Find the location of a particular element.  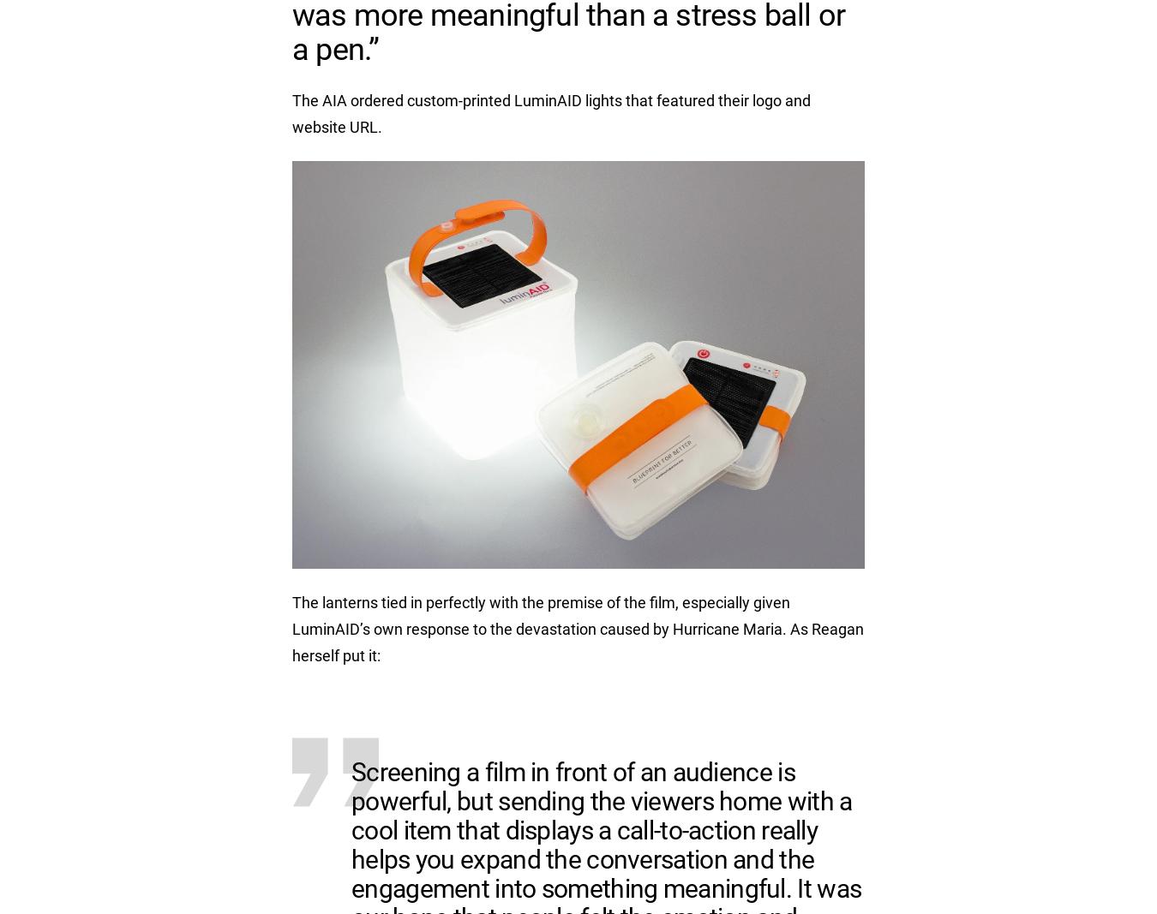

'Poland (USD $)' is located at coordinates (834, 11).